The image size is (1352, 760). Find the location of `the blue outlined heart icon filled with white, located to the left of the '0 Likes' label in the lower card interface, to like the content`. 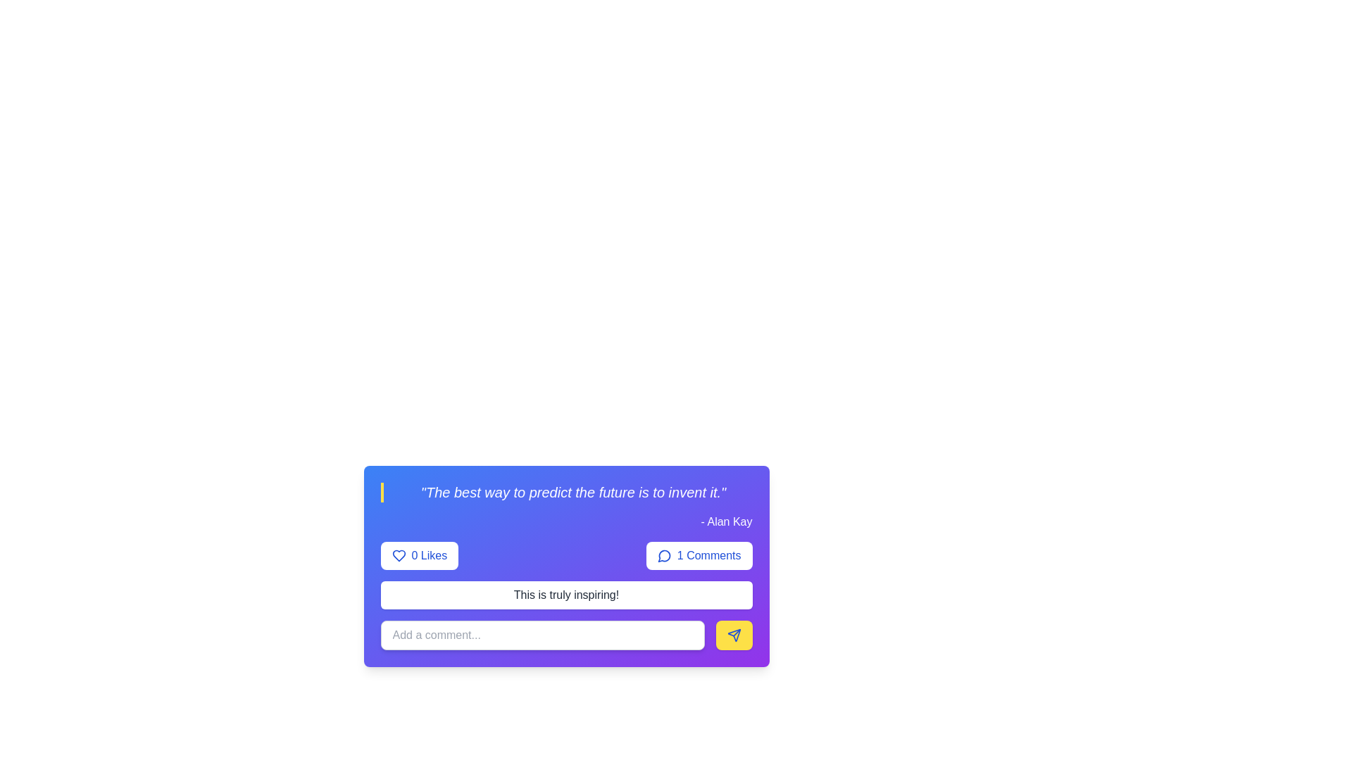

the blue outlined heart icon filled with white, located to the left of the '0 Likes' label in the lower card interface, to like the content is located at coordinates (398, 555).